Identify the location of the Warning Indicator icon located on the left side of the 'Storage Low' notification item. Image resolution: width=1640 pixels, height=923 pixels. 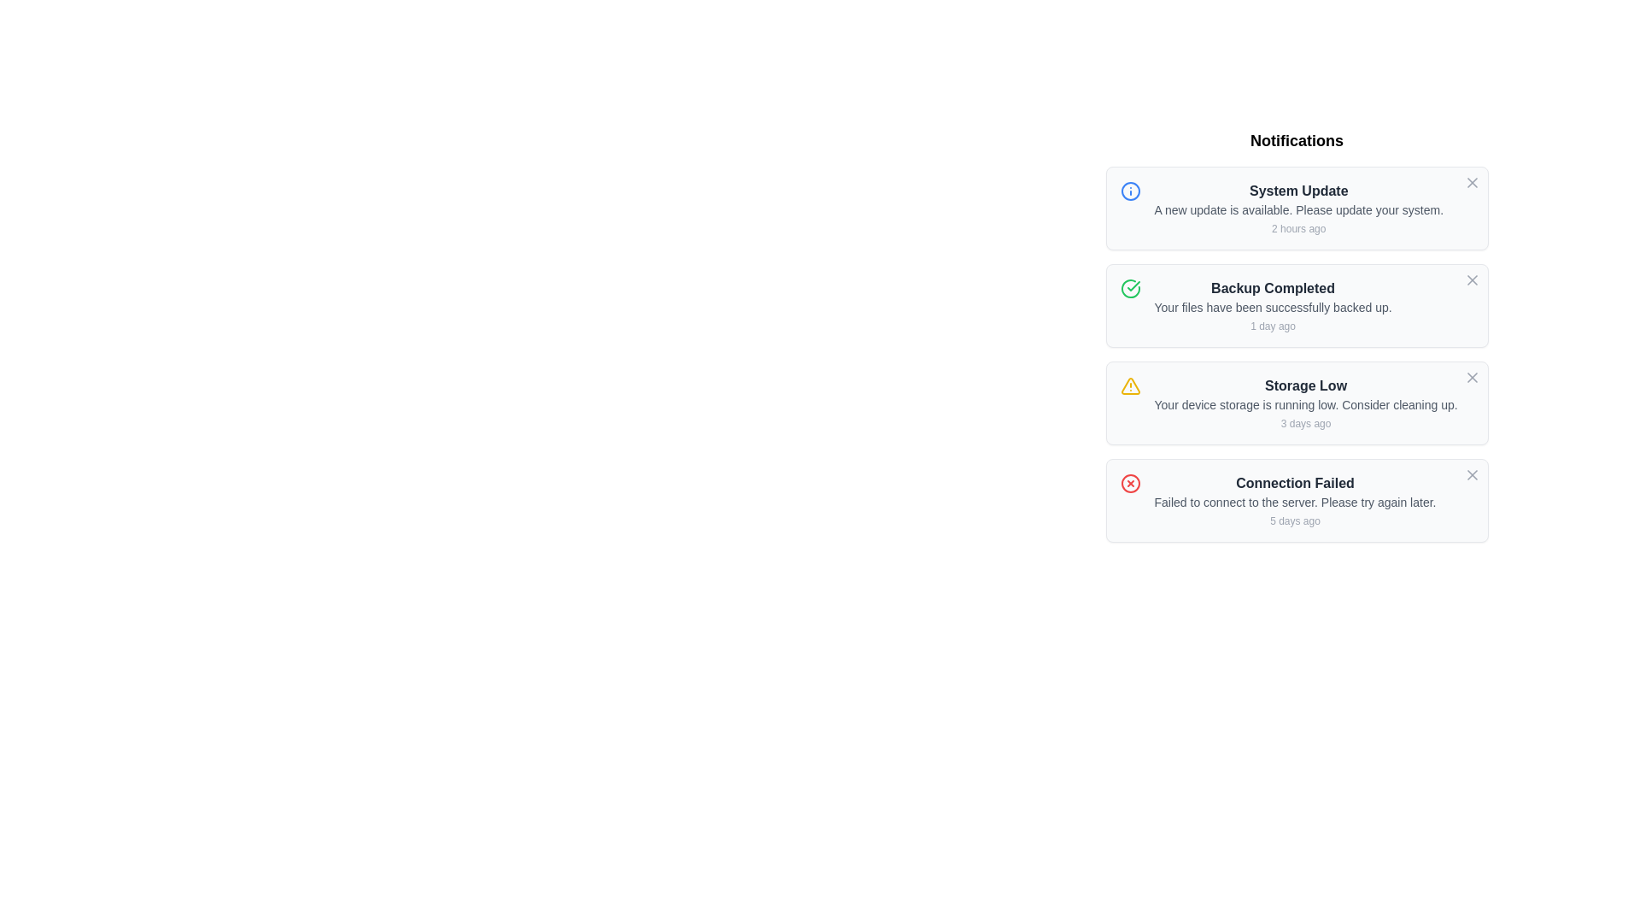
(1130, 385).